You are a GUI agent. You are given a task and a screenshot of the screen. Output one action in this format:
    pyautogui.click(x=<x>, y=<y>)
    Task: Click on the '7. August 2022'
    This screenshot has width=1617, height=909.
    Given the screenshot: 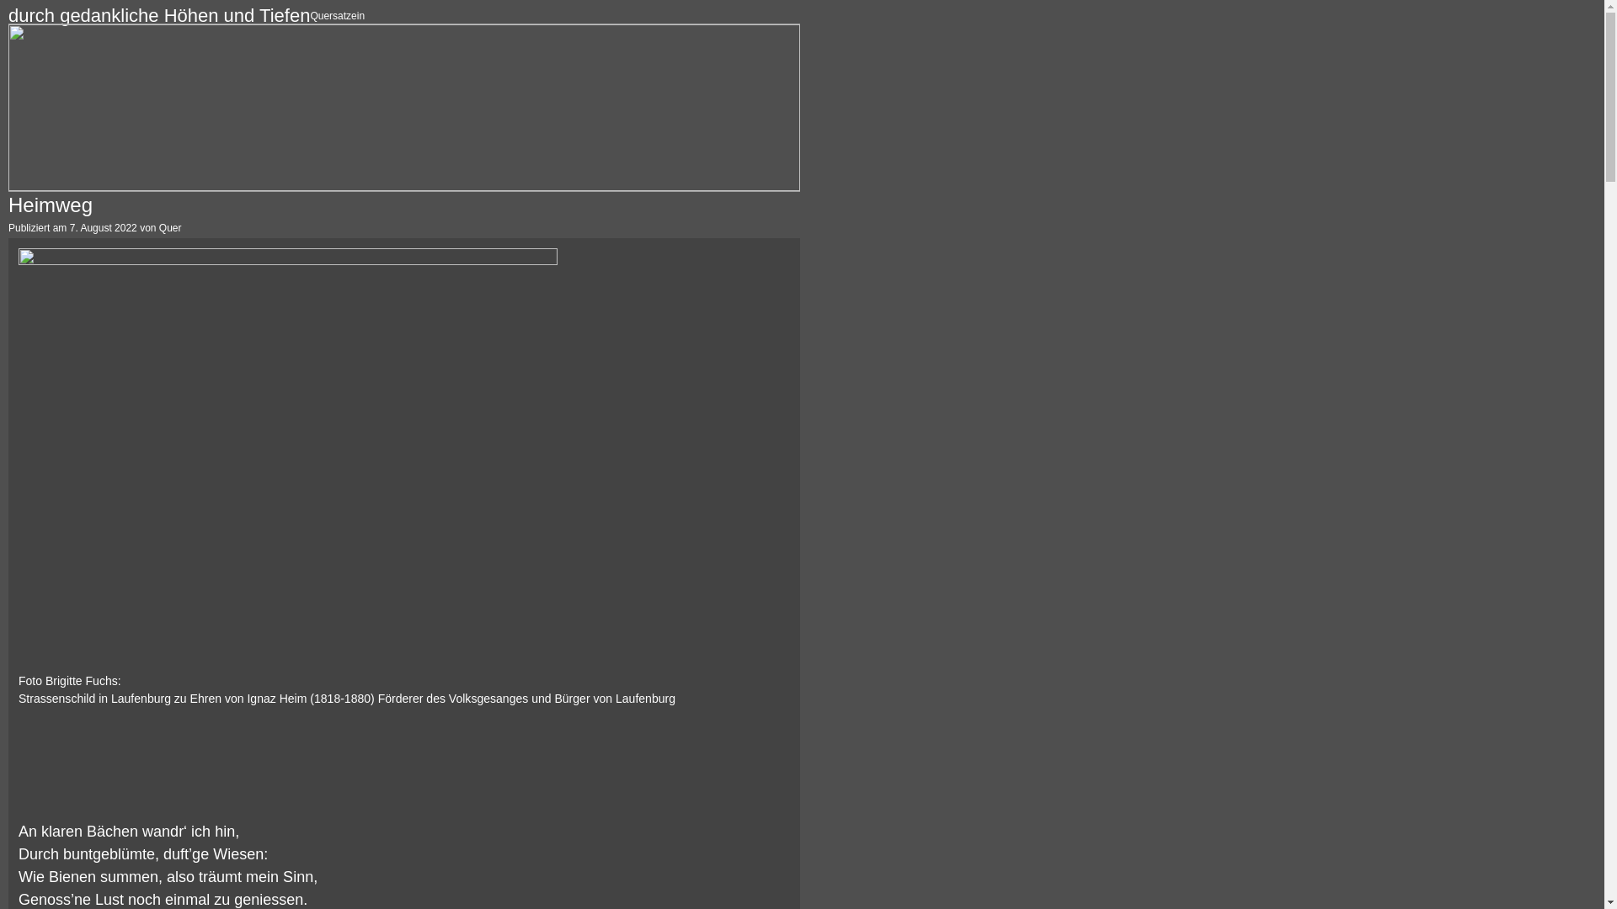 What is the action you would take?
    pyautogui.click(x=103, y=227)
    